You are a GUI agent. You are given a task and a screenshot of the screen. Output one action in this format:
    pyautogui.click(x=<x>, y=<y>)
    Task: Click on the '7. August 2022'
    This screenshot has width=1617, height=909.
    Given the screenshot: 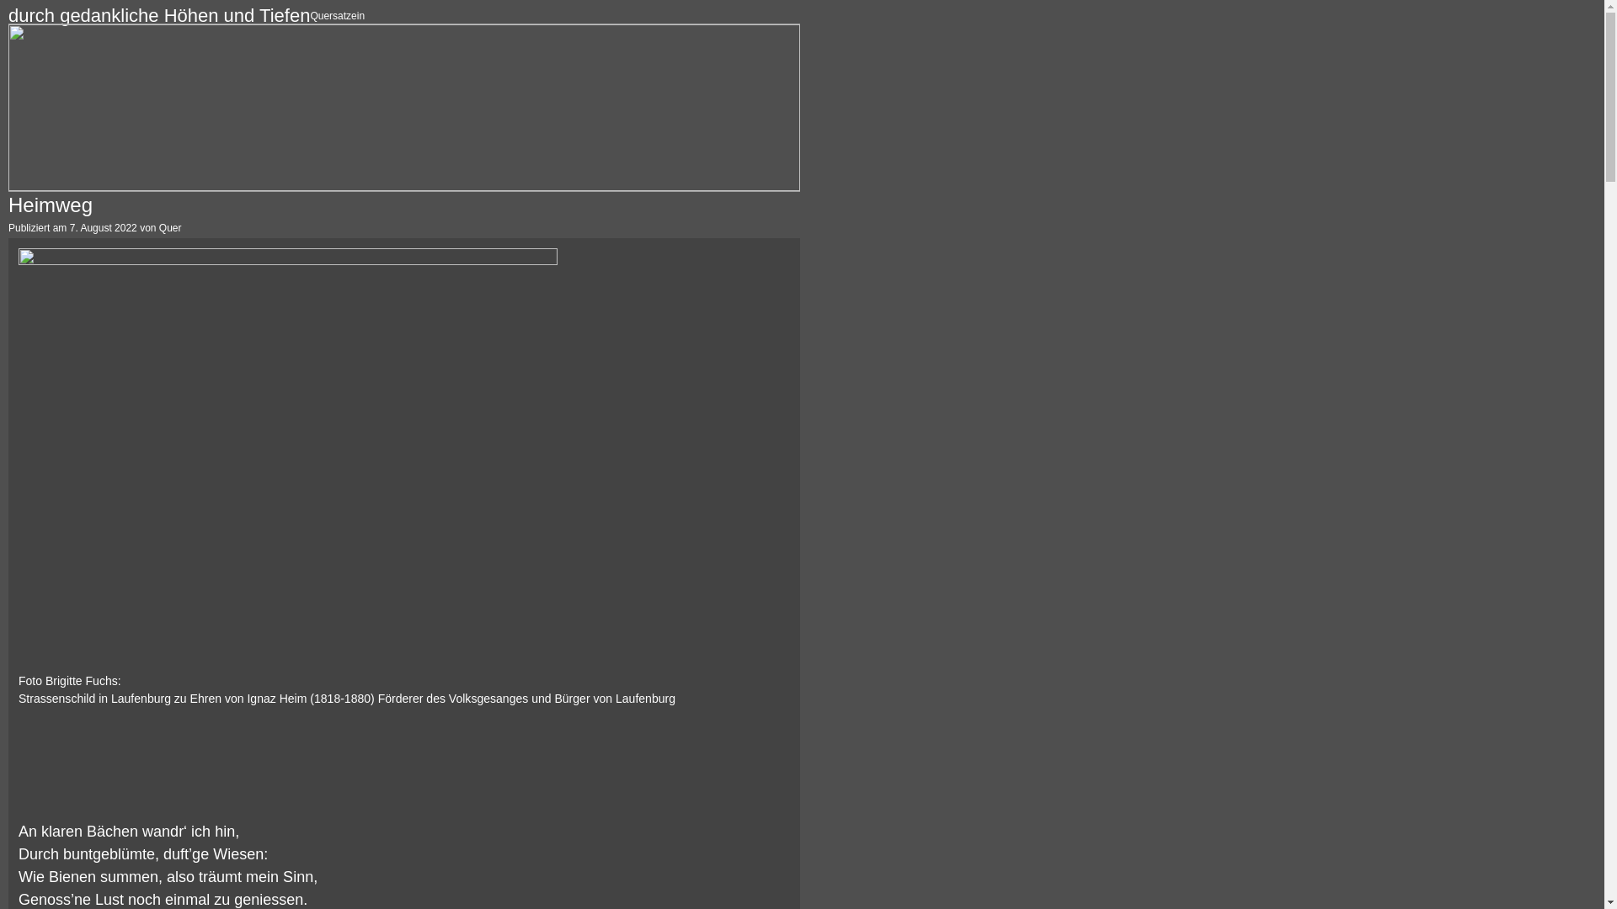 What is the action you would take?
    pyautogui.click(x=103, y=227)
    